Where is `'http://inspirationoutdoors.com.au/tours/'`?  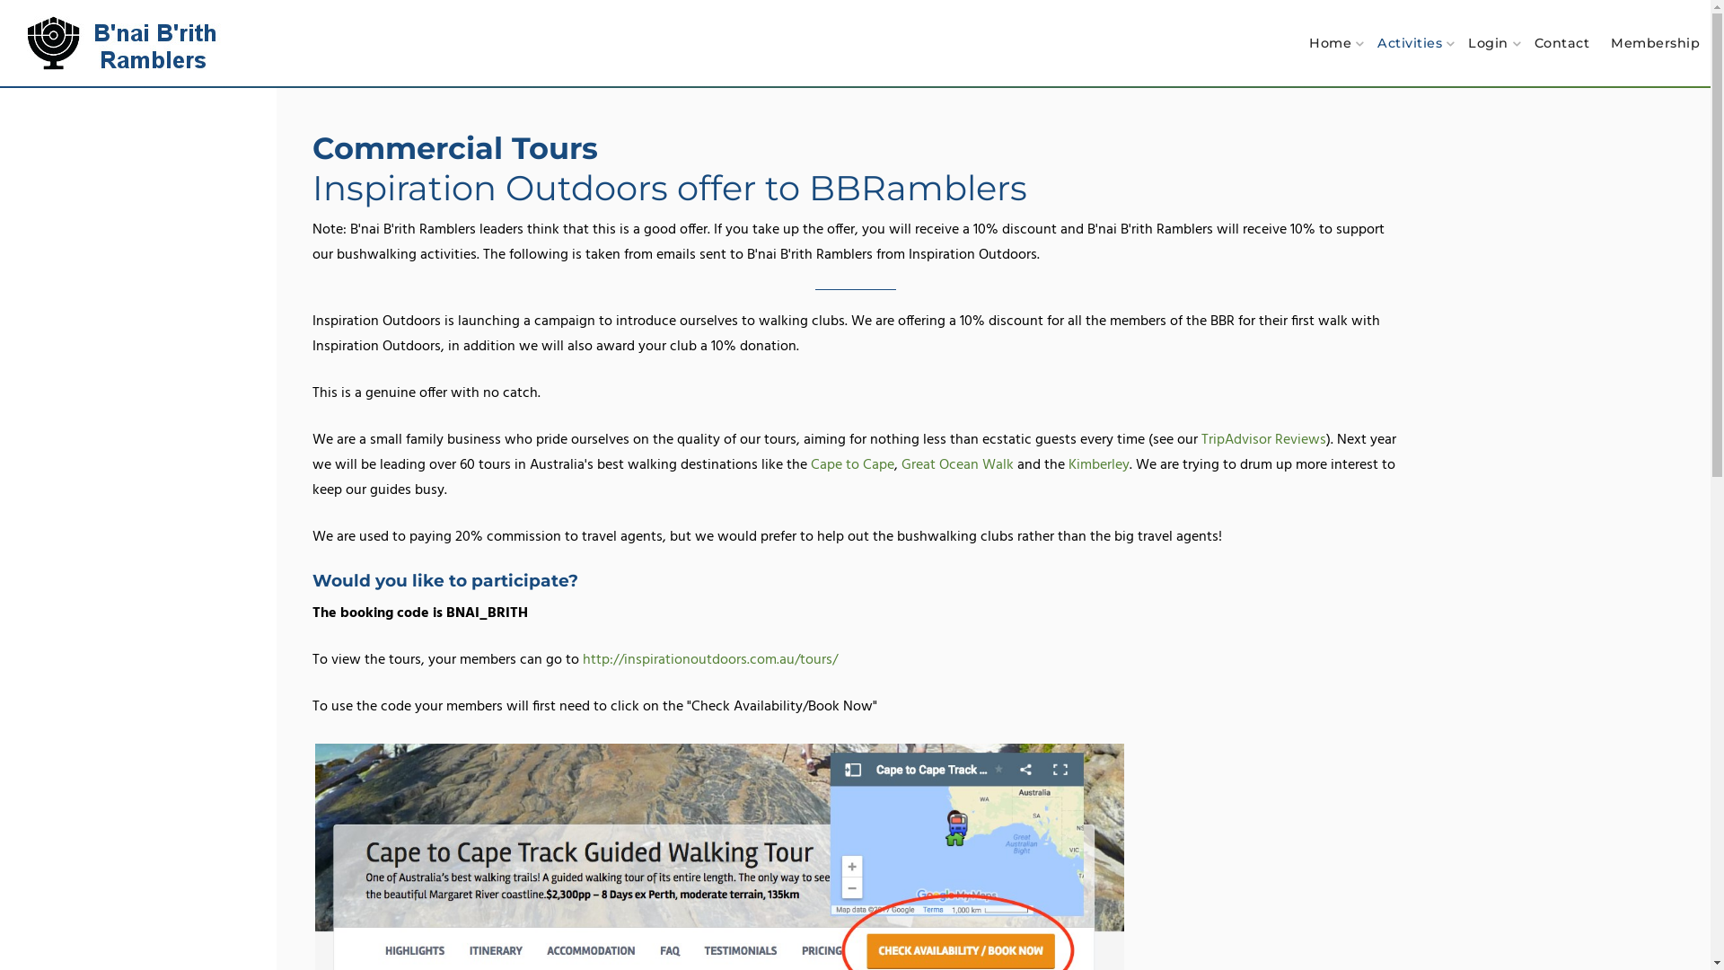
'http://inspirationoutdoors.com.au/tours/' is located at coordinates (708, 660).